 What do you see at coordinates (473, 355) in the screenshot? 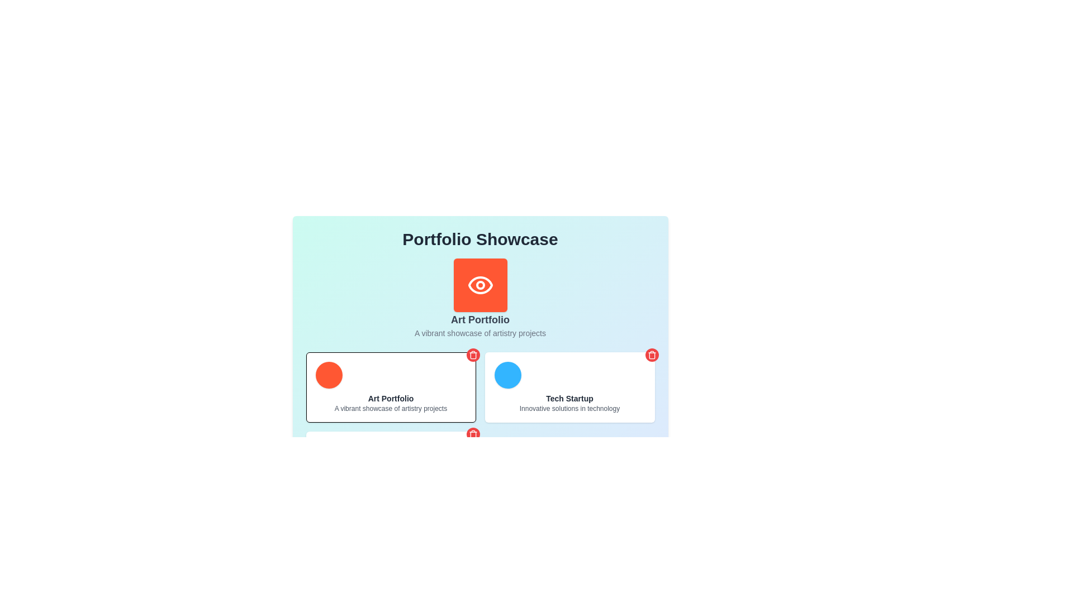
I see `the small circular red button with a white trash can icon located at the top-right corner of the 'Art Portfolio' card` at bounding box center [473, 355].